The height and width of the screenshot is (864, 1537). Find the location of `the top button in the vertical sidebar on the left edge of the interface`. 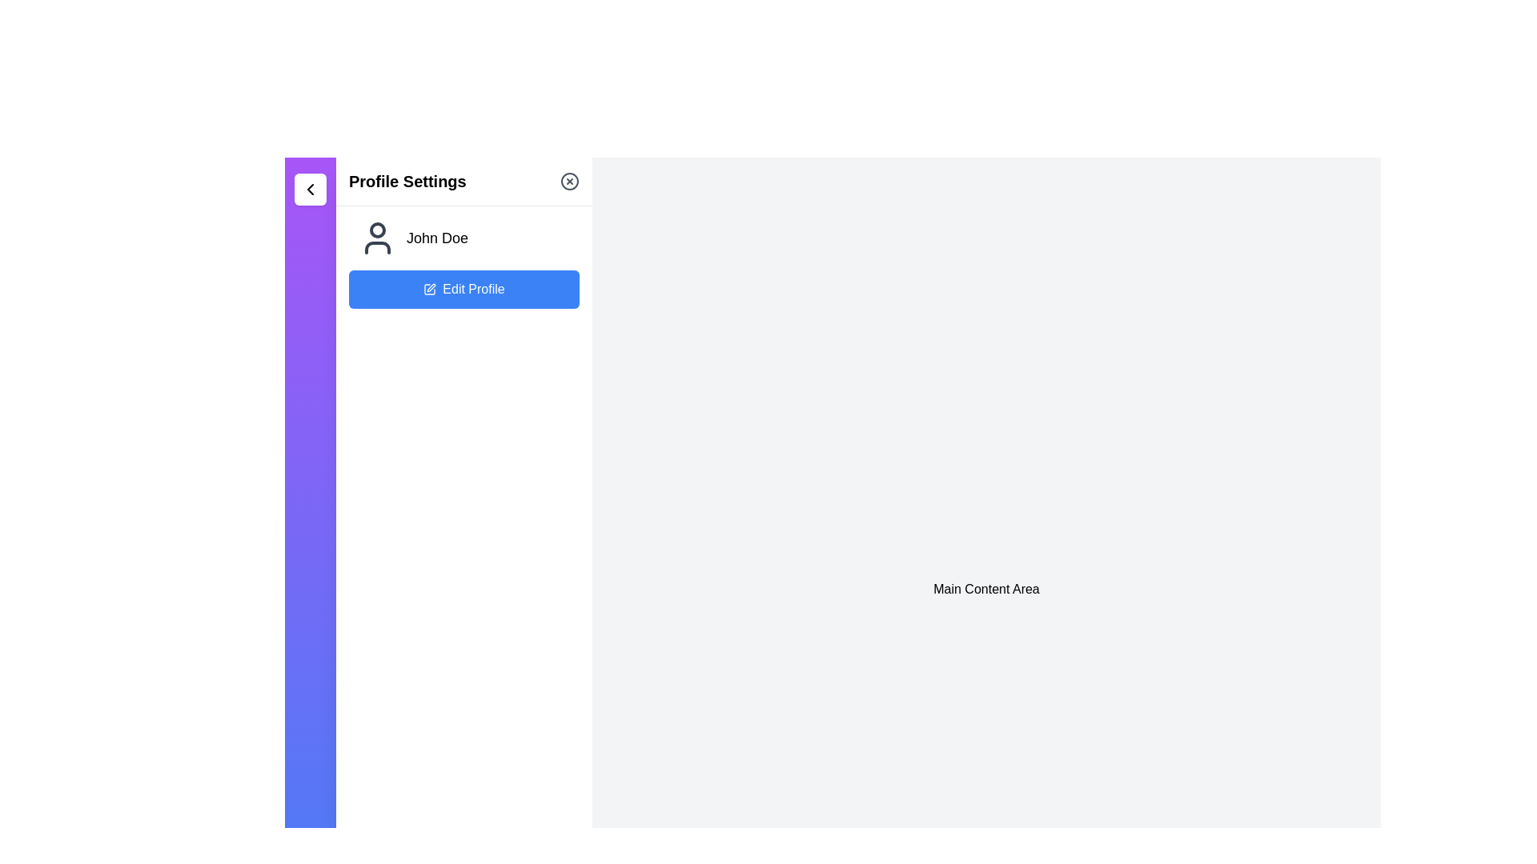

the top button in the vertical sidebar on the left edge of the interface is located at coordinates (311, 188).